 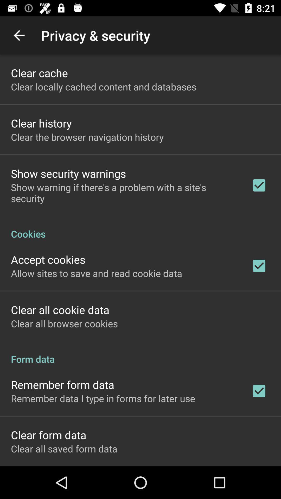 I want to click on icon above clear history, so click(x=104, y=87).